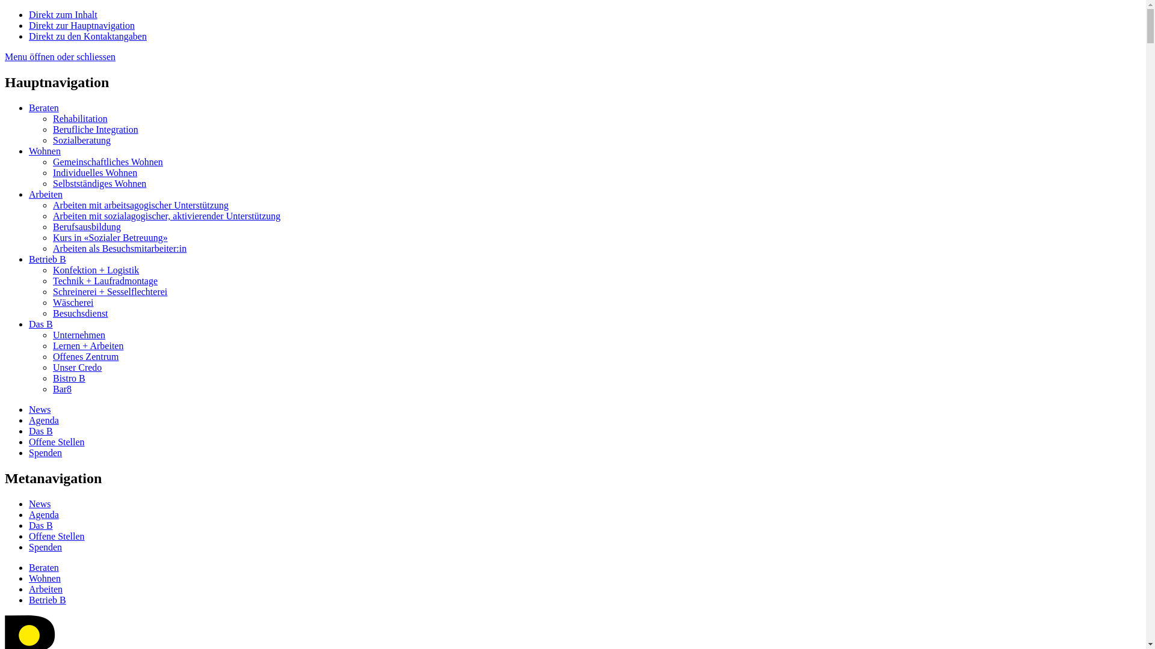 This screenshot has height=649, width=1155. Describe the element at coordinates (87, 346) in the screenshot. I see `'Lernen + Arbeiten'` at that location.